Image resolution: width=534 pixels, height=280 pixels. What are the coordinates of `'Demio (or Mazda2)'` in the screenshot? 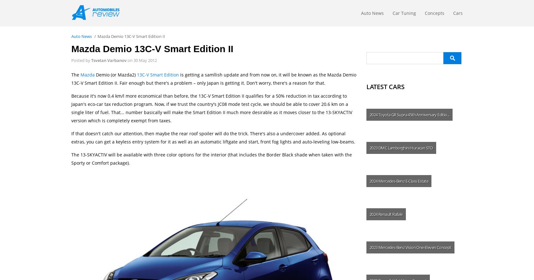 It's located at (116, 74).